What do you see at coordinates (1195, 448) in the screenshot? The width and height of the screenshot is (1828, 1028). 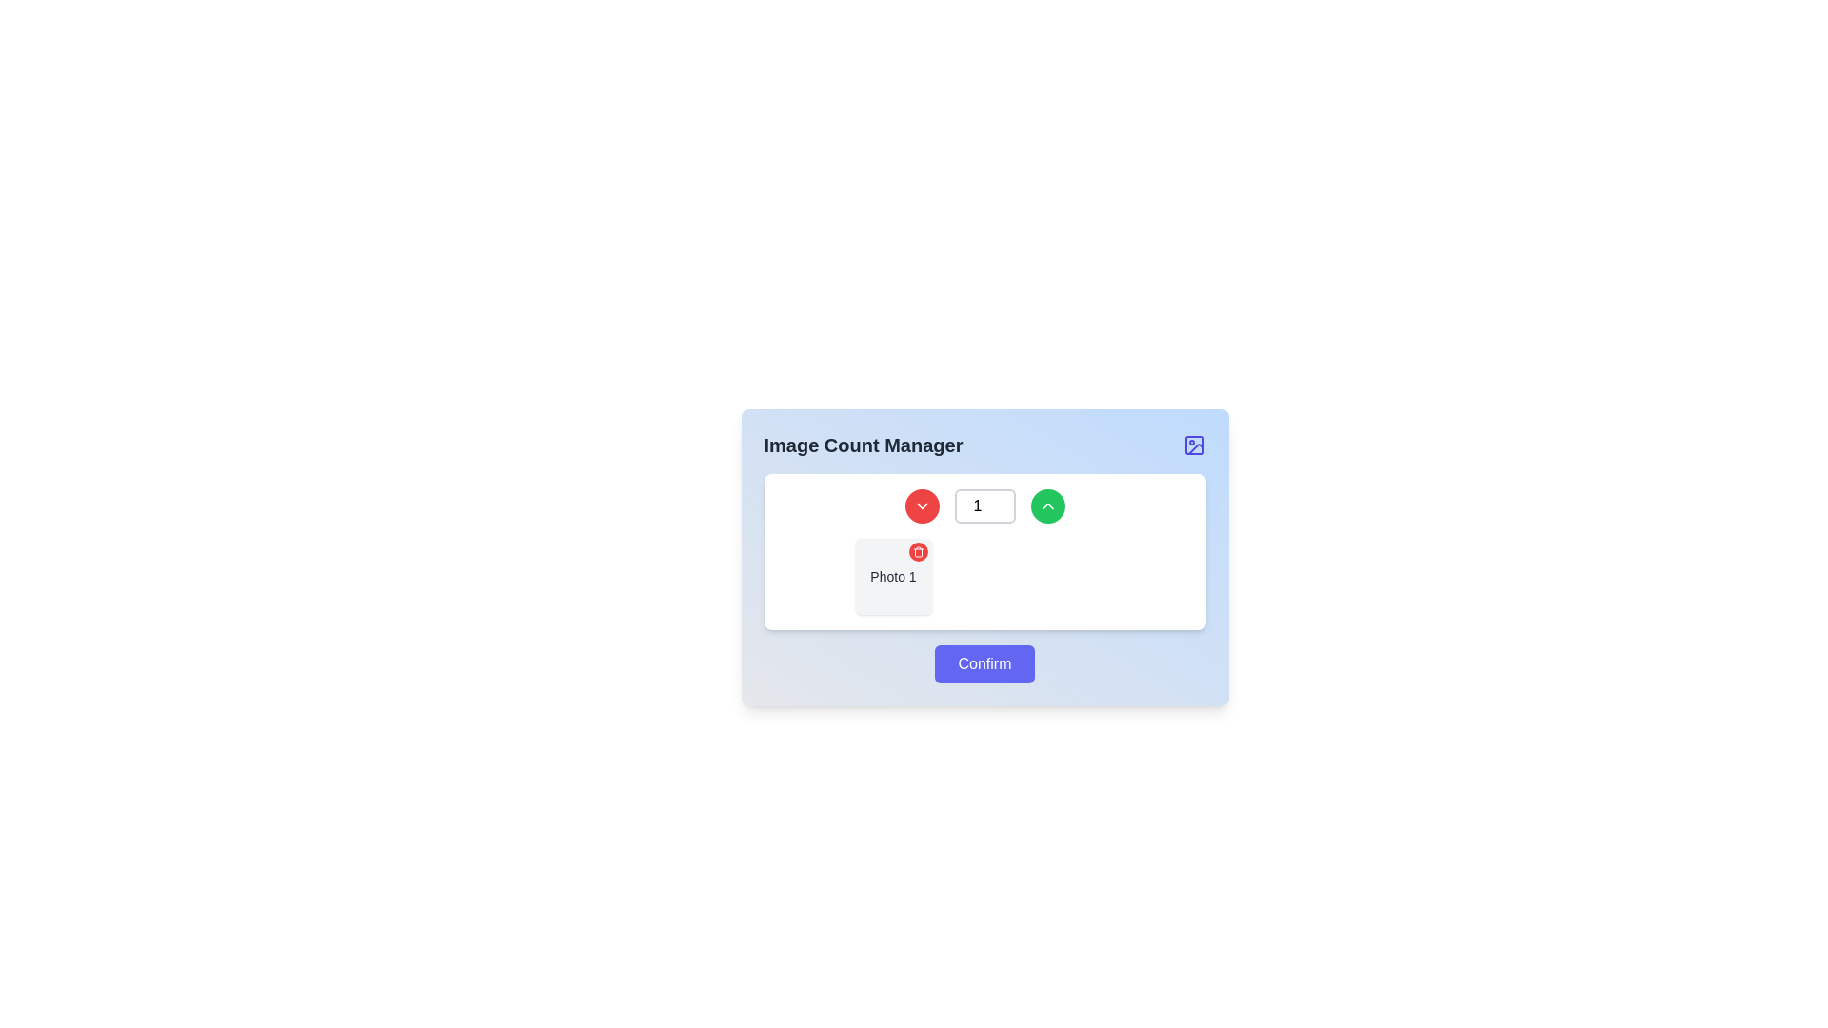 I see `the lower-right part of the image icon located in the top-right corner of the 'Image Count Manager' interface to enhance user understanding of its purpose` at bounding box center [1195, 448].